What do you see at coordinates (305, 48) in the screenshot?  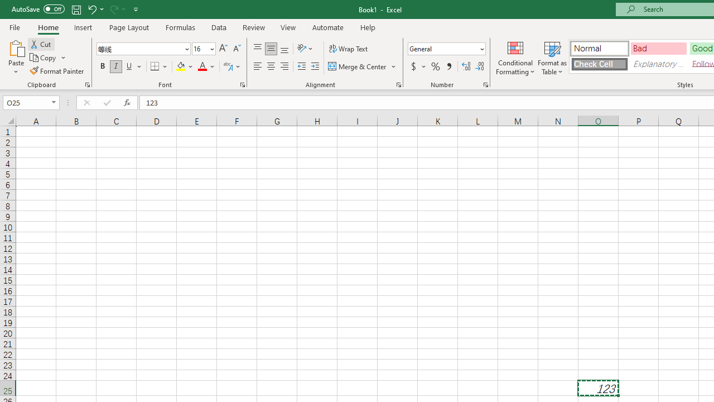 I see `'Orientation'` at bounding box center [305, 48].